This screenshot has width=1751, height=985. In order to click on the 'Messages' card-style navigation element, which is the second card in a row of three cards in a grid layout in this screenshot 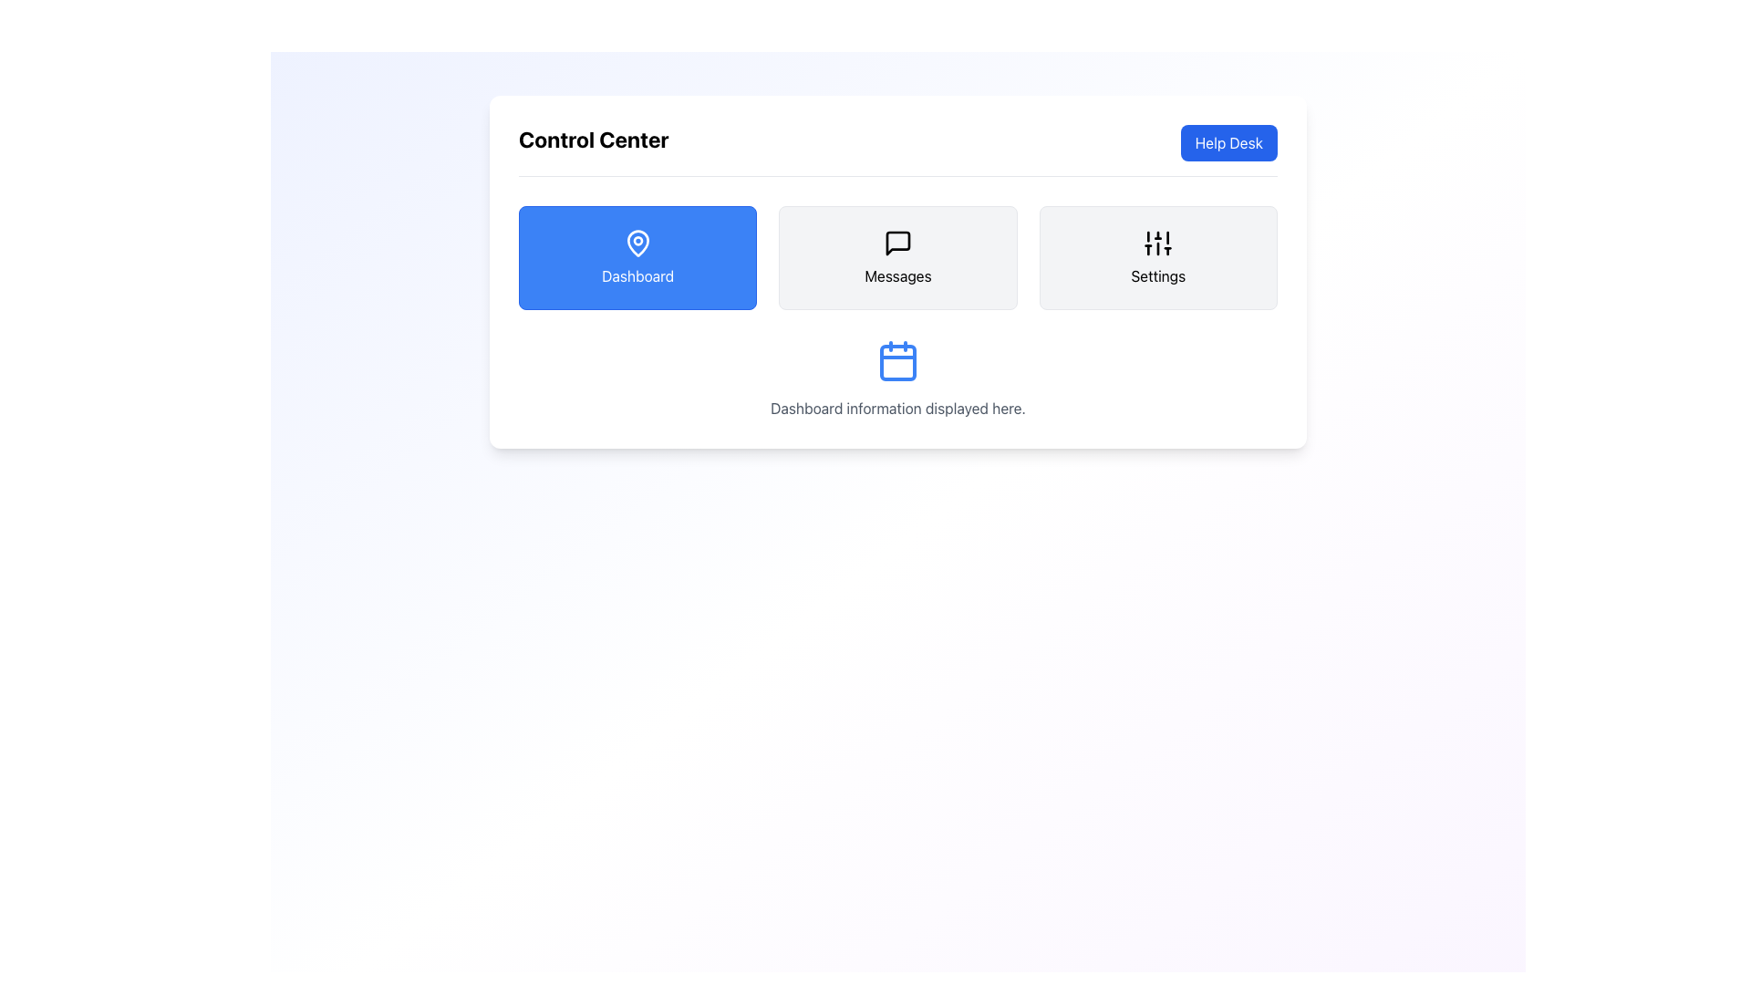, I will do `click(896, 257)`.